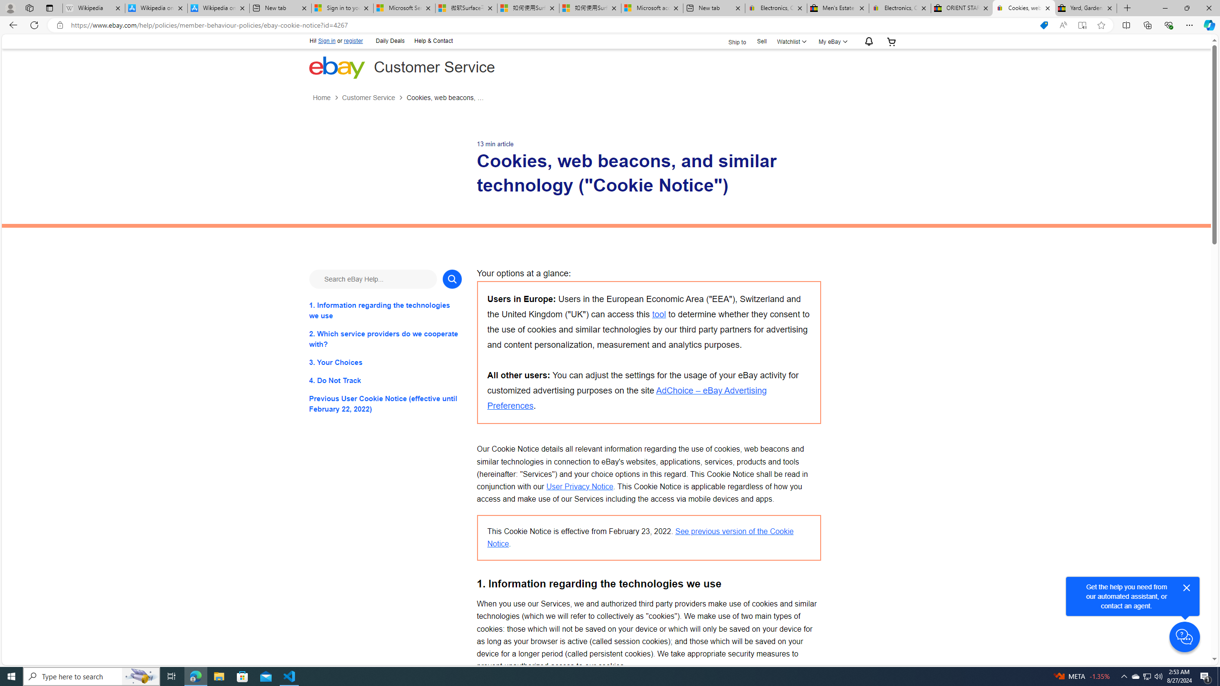  I want to click on 'See previous version of the Cookie Notice', so click(640, 537).